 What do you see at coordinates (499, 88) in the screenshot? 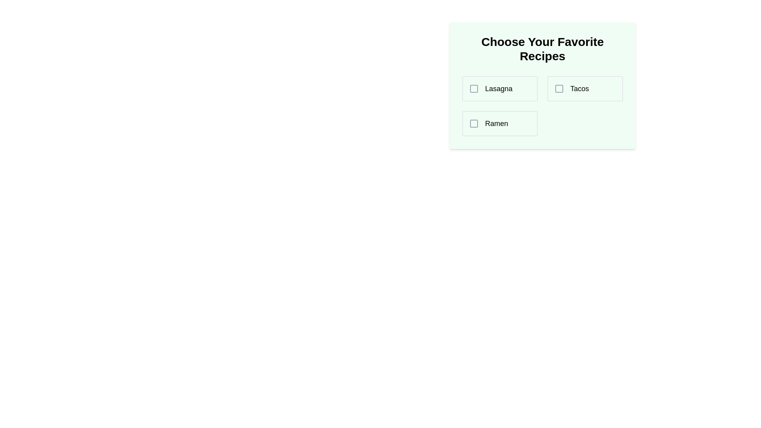
I see `the checkbox option for 'Lasagna'` at bounding box center [499, 88].